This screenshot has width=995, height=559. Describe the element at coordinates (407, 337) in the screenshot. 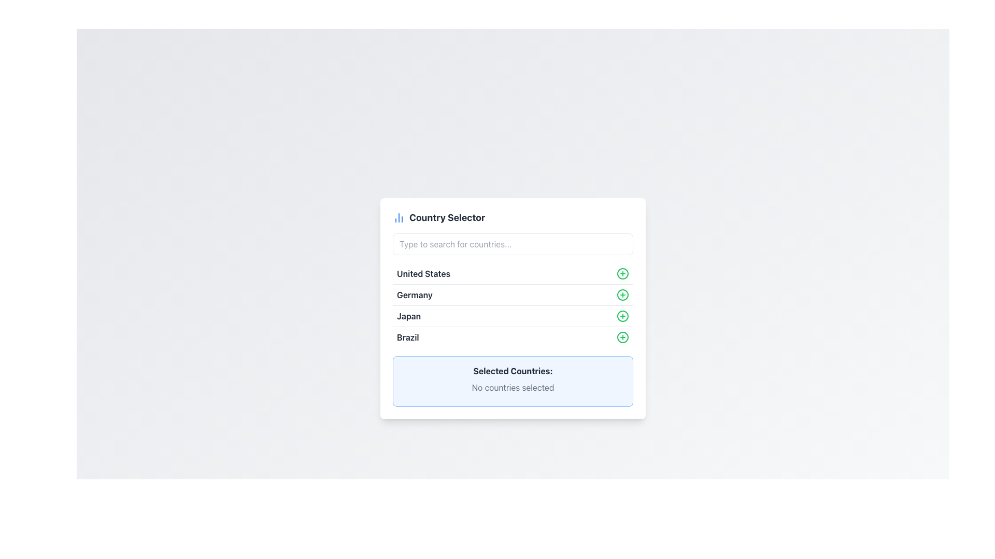

I see `the text label 'Brazil' which identifies the country in a dropdown list, located below 'Japan' and to the left of the green '+' button` at that location.